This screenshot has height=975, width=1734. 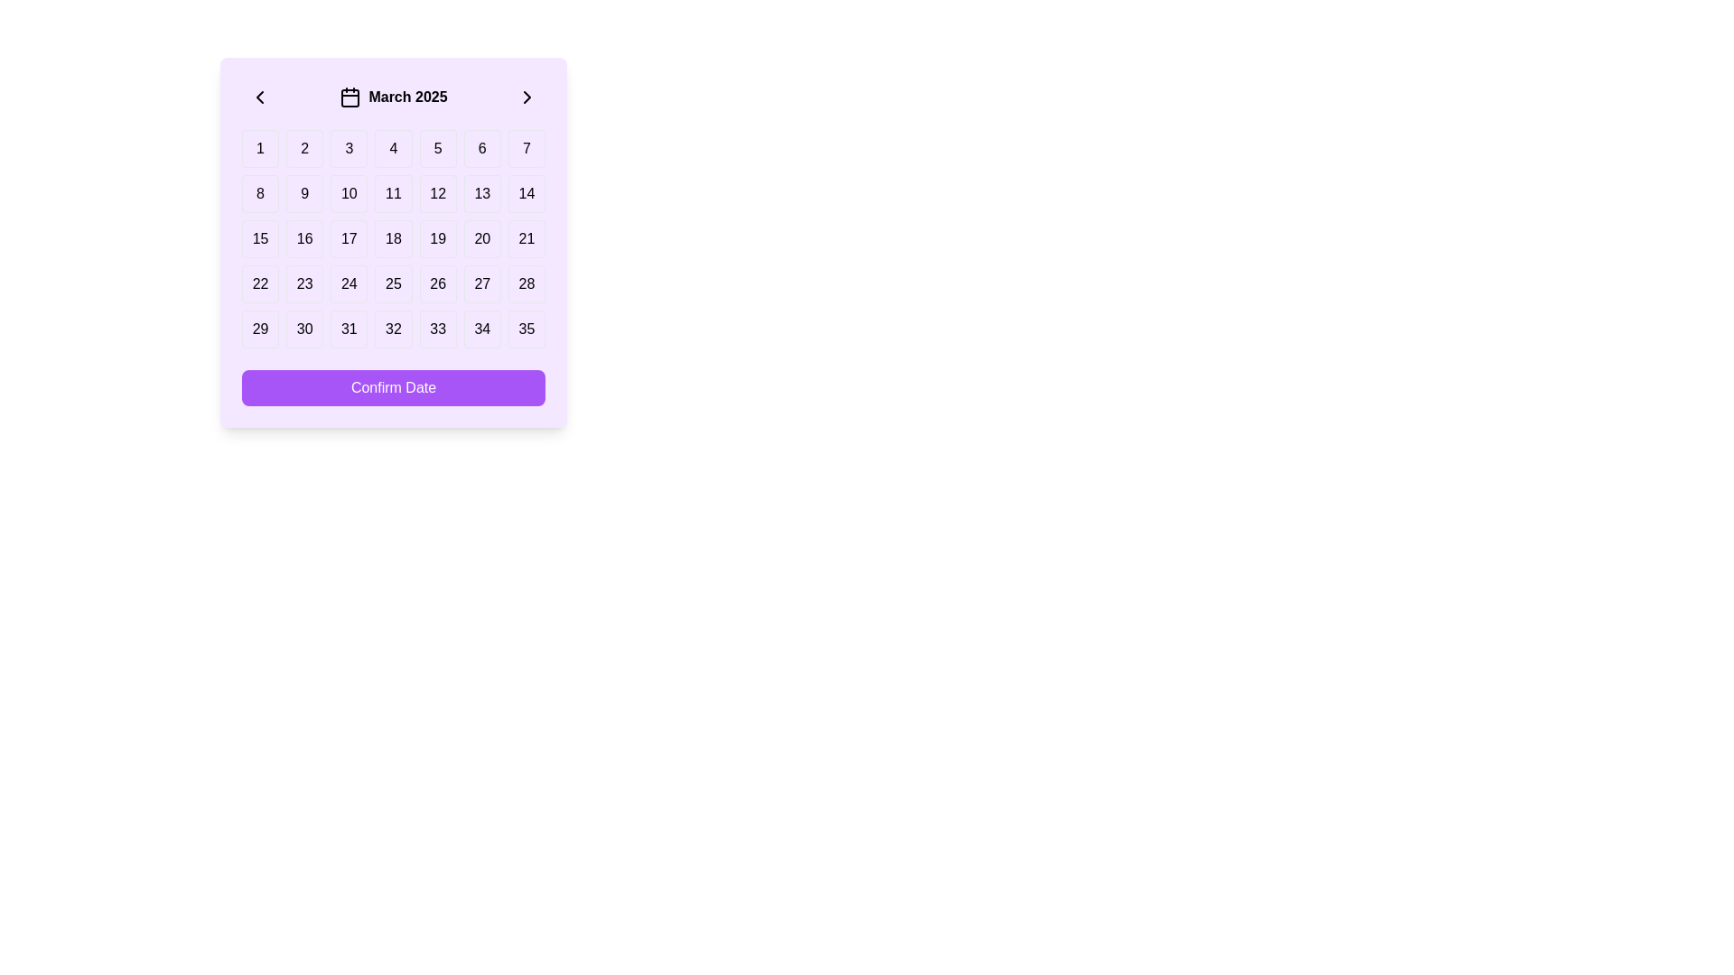 What do you see at coordinates (304, 284) in the screenshot?
I see `the square button displaying the number '23'` at bounding box center [304, 284].